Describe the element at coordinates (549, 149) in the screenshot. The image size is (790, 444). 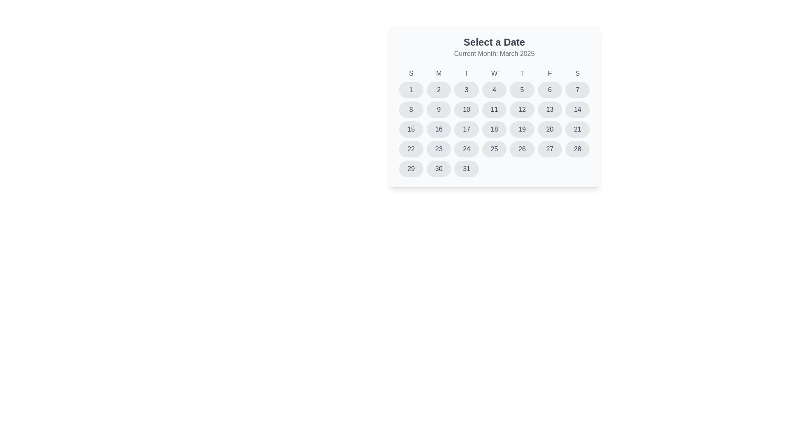
I see `the circular button with the numeral '27' in dark gray at its center` at that location.